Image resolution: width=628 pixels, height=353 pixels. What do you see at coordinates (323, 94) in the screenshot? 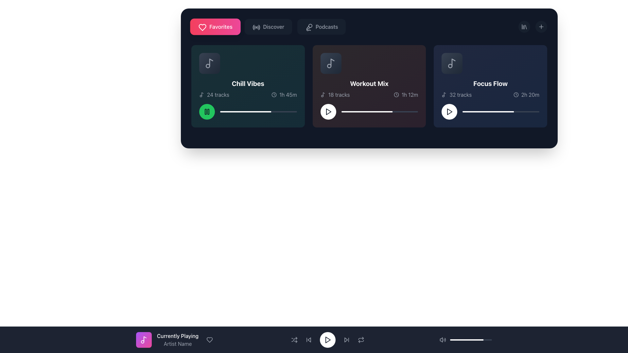
I see `the music icon located within the 'Workout Mix' card, positioned to the left of the text '18 tracks'` at bounding box center [323, 94].